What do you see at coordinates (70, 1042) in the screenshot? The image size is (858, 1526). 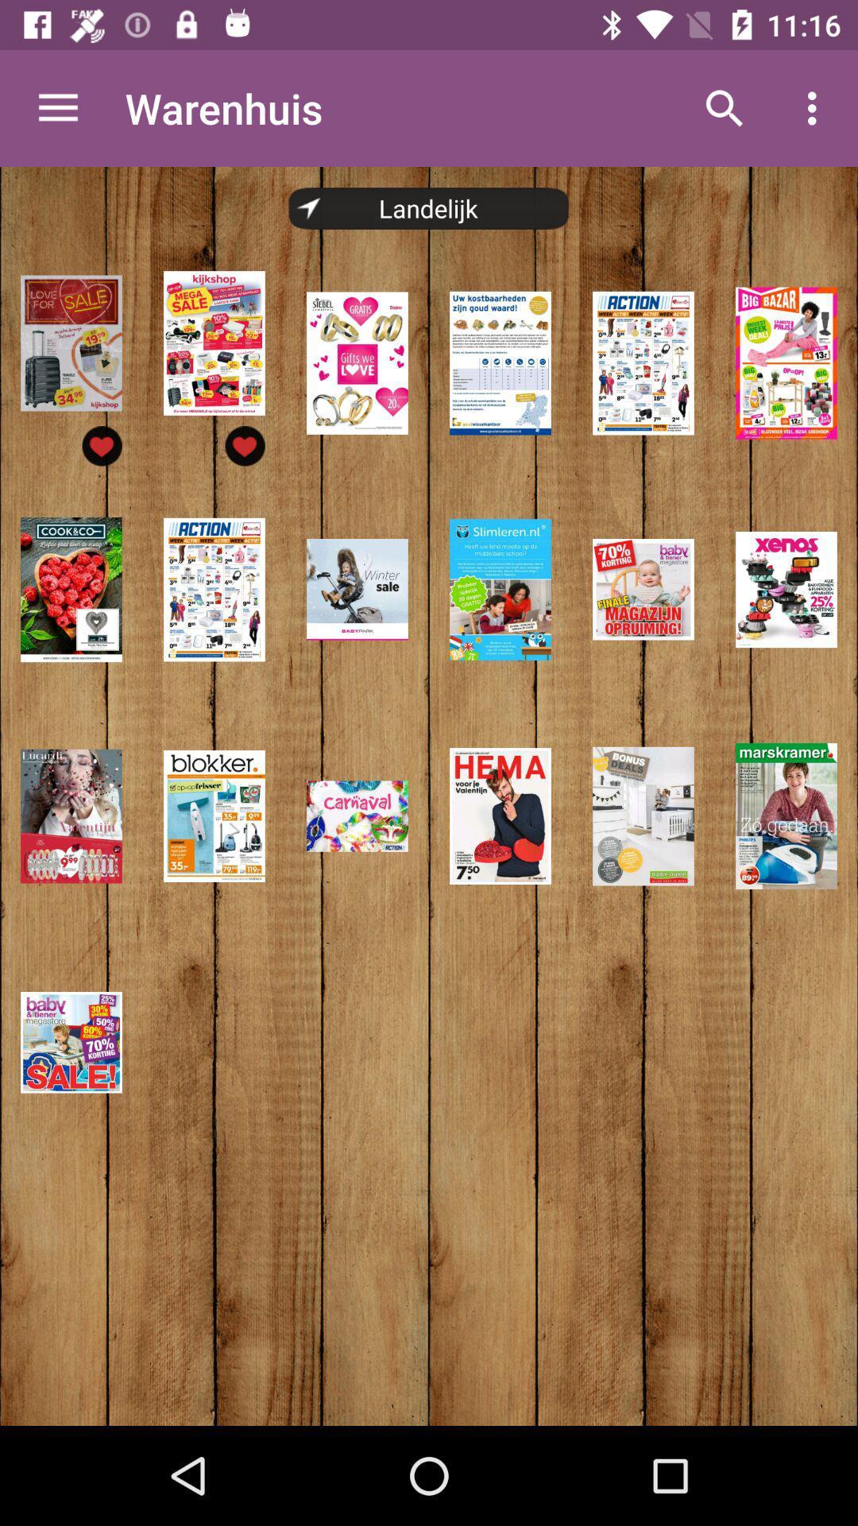 I see `the last image` at bounding box center [70, 1042].